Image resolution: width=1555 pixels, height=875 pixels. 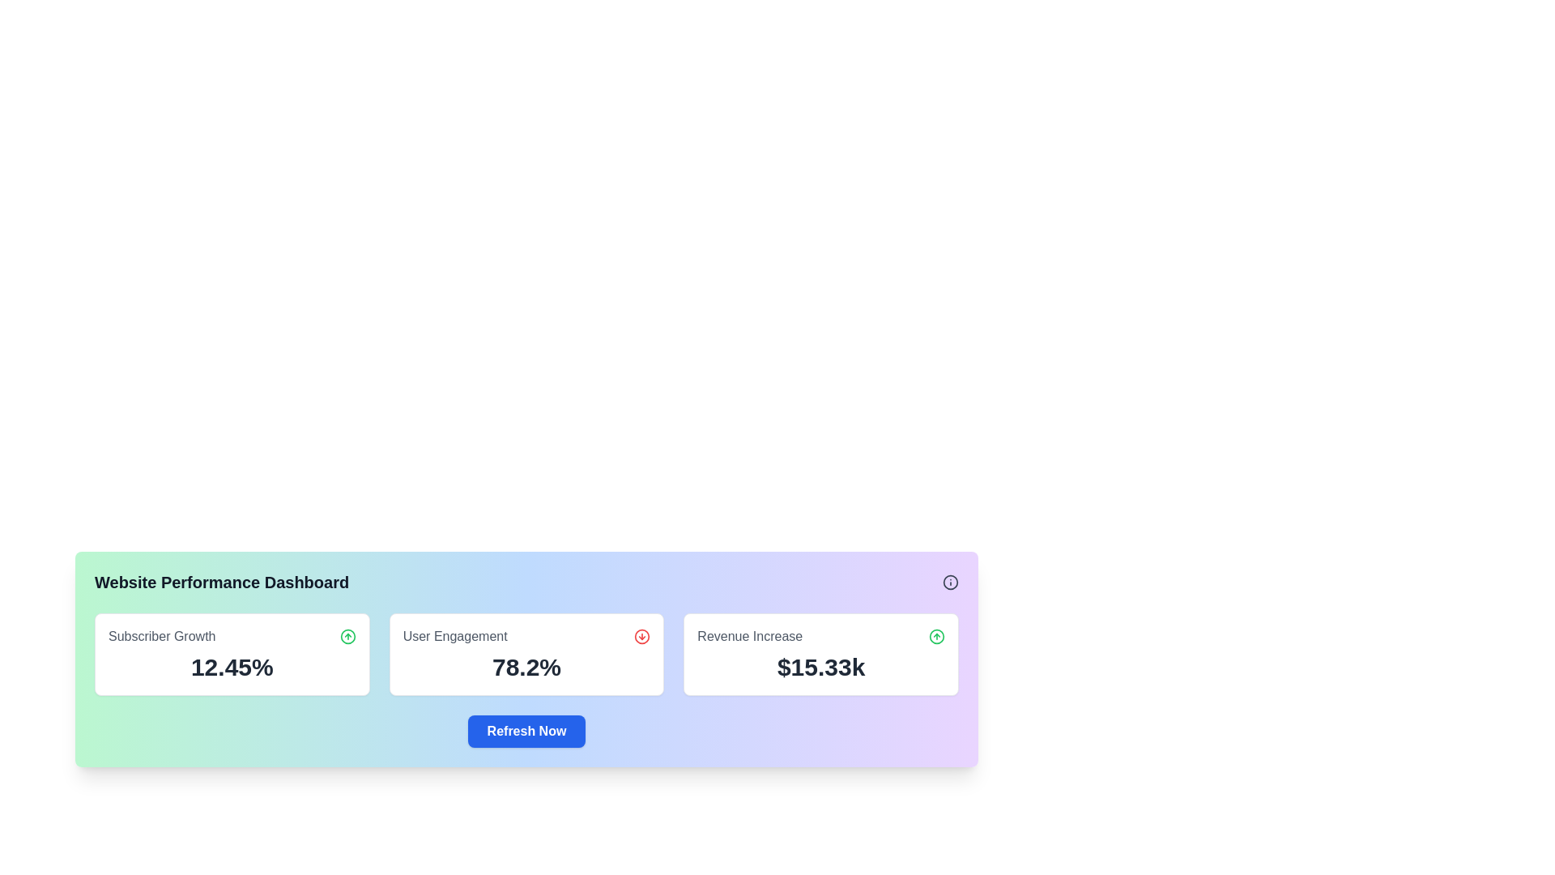 What do you see at coordinates (821, 653) in the screenshot?
I see `the Informational card displaying 'Revenue Increase' with a bold $15.33k value, located in the rightmost position of a three-column grid layout` at bounding box center [821, 653].